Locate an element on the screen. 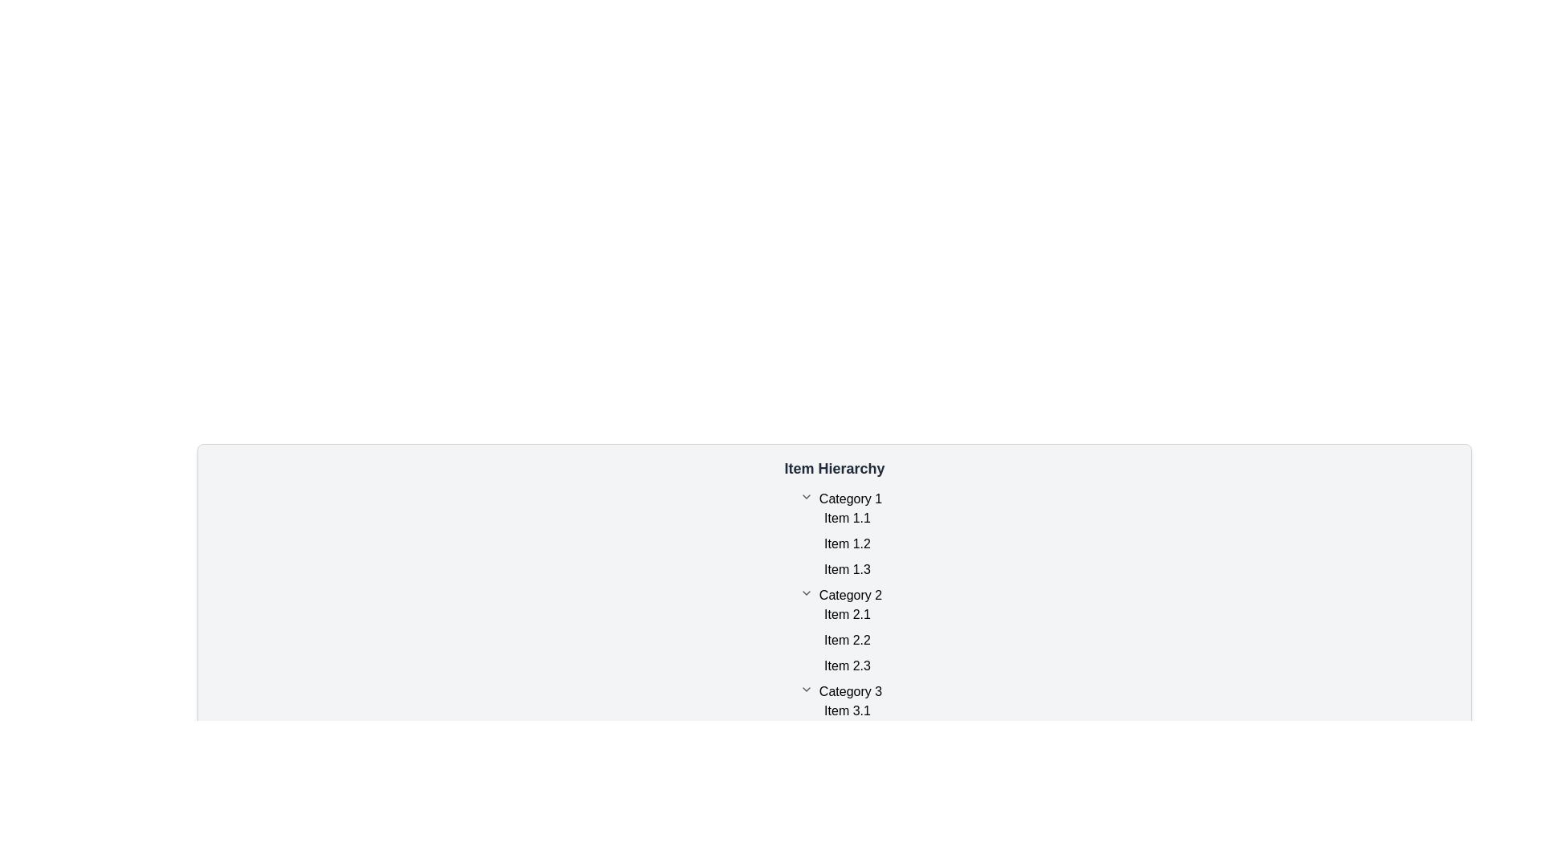 This screenshot has height=867, width=1541. the non-interactive text label displaying 'Item 2.2', which is the second item under 'Category 2' is located at coordinates (847, 640).